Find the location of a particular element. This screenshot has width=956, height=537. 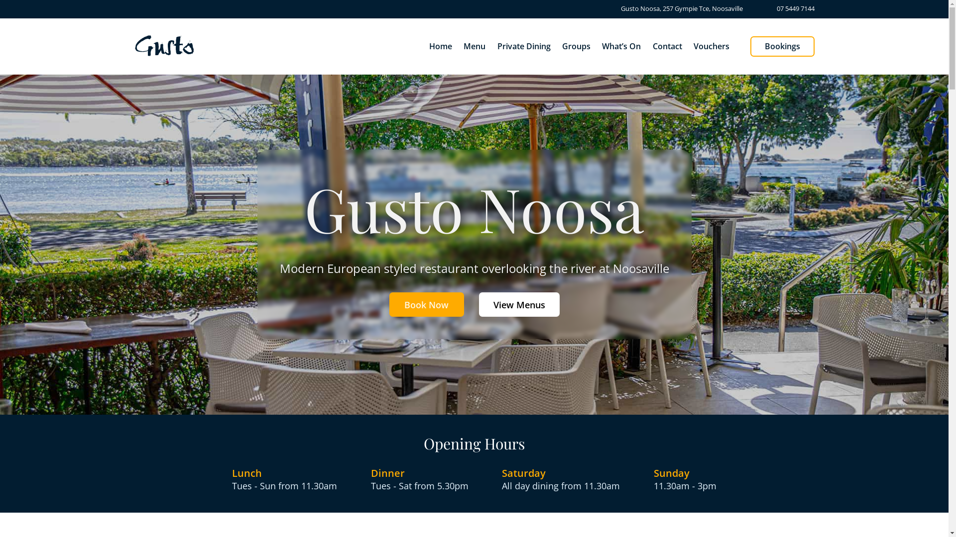

'Home' is located at coordinates (440, 46).